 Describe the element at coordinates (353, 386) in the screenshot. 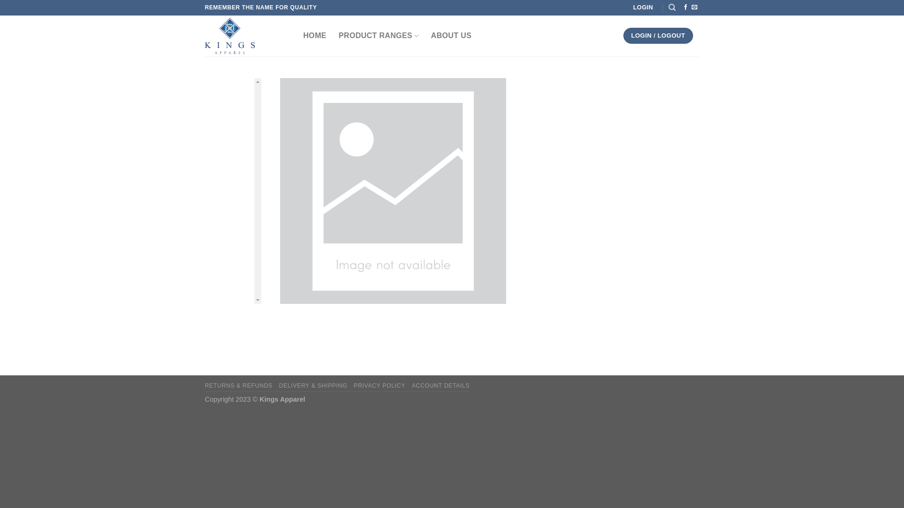

I see `'PRIVACY POLICY'` at that location.